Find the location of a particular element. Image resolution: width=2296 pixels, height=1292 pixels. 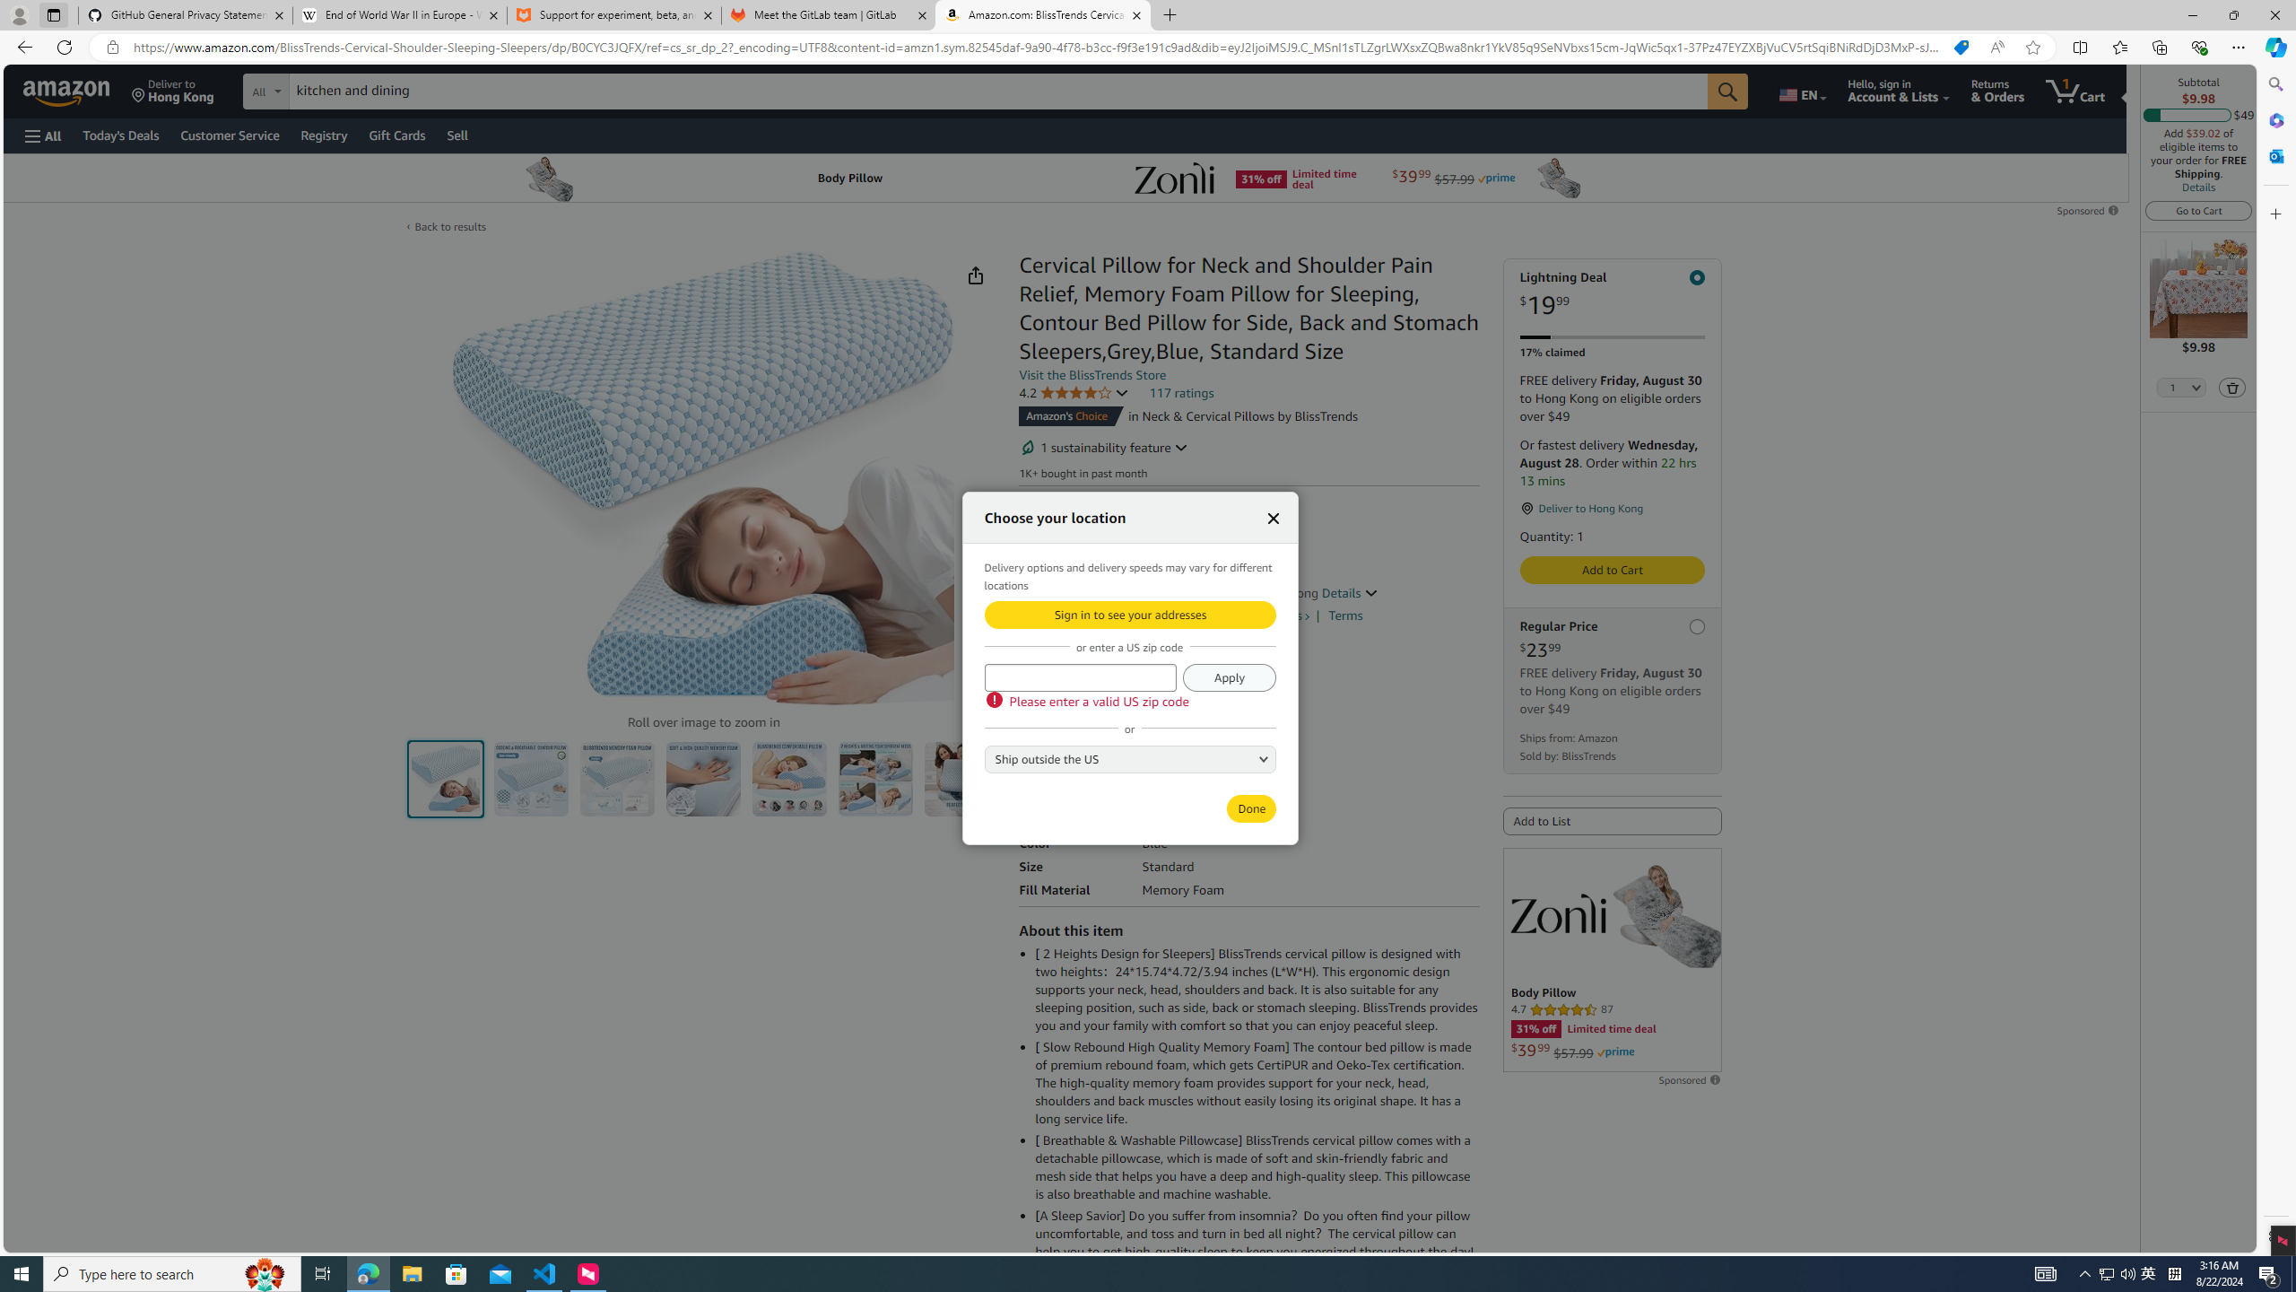

'Lightning Deal $19.99' is located at coordinates (1612, 295).